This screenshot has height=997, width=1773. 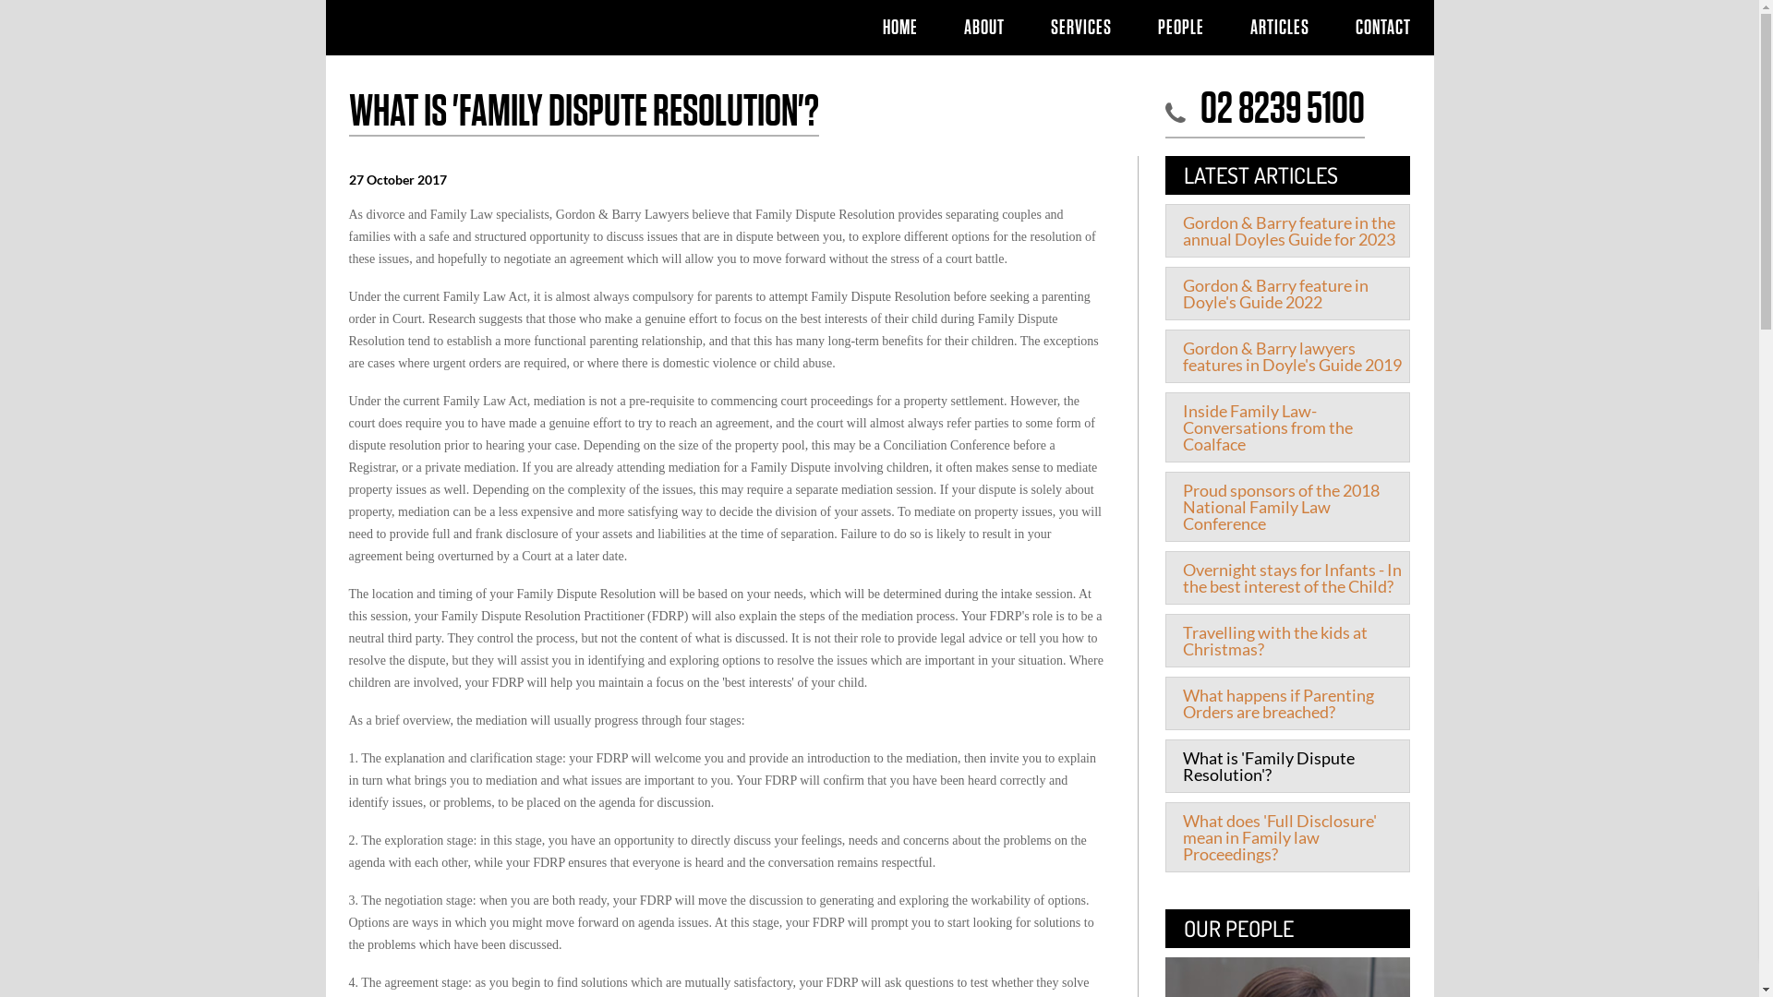 I want to click on 'What happens if Parenting Orders are breached?', so click(x=1286, y=703).